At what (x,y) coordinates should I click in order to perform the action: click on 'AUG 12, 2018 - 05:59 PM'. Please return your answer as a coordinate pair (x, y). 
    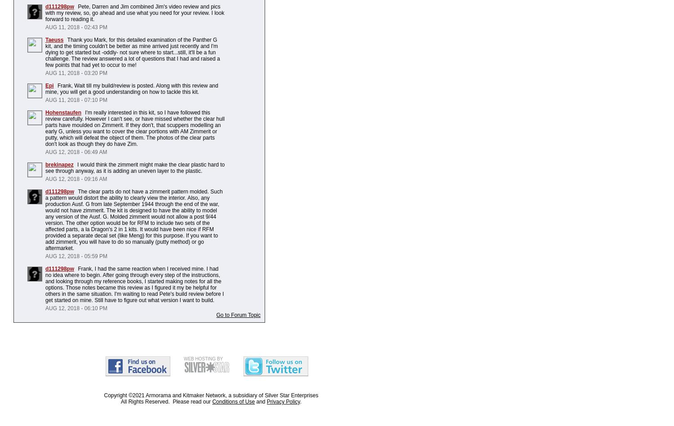
    Looking at the image, I should click on (76, 256).